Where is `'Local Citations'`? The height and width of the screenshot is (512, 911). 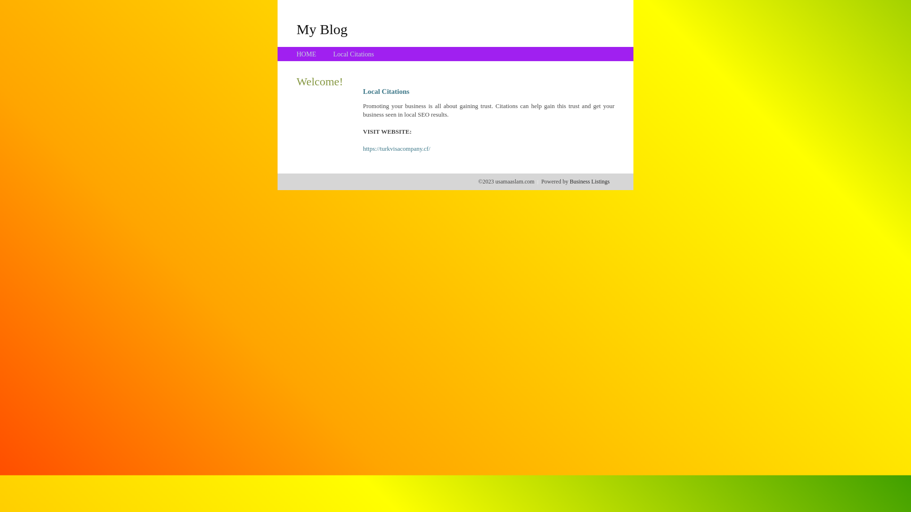 'Local Citations' is located at coordinates (353, 54).